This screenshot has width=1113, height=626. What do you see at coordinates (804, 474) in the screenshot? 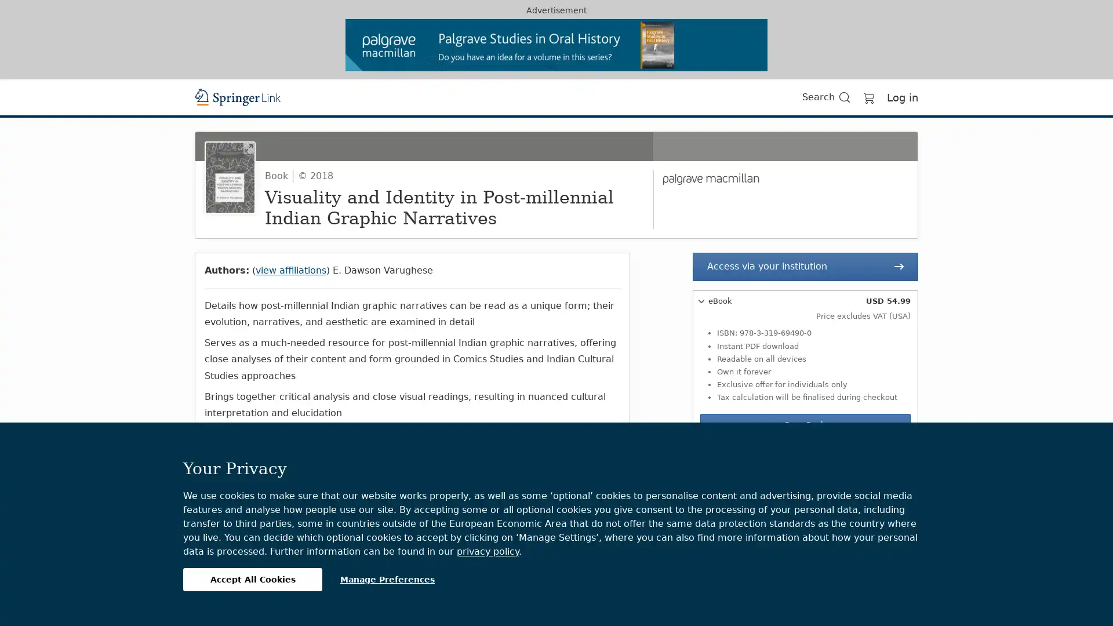
I see `Hardcover Book USD 69.99` at bounding box center [804, 474].